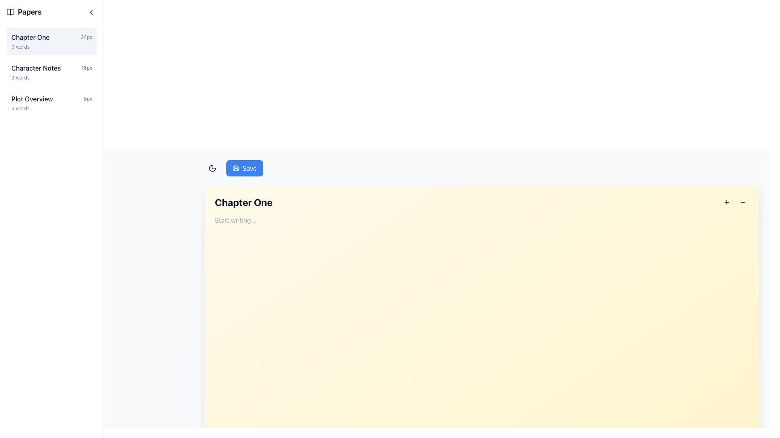  What do you see at coordinates (30, 37) in the screenshot?
I see `the text label displaying 'Chapter One' in the left sidebar, which is the first item in the list of chapters` at bounding box center [30, 37].